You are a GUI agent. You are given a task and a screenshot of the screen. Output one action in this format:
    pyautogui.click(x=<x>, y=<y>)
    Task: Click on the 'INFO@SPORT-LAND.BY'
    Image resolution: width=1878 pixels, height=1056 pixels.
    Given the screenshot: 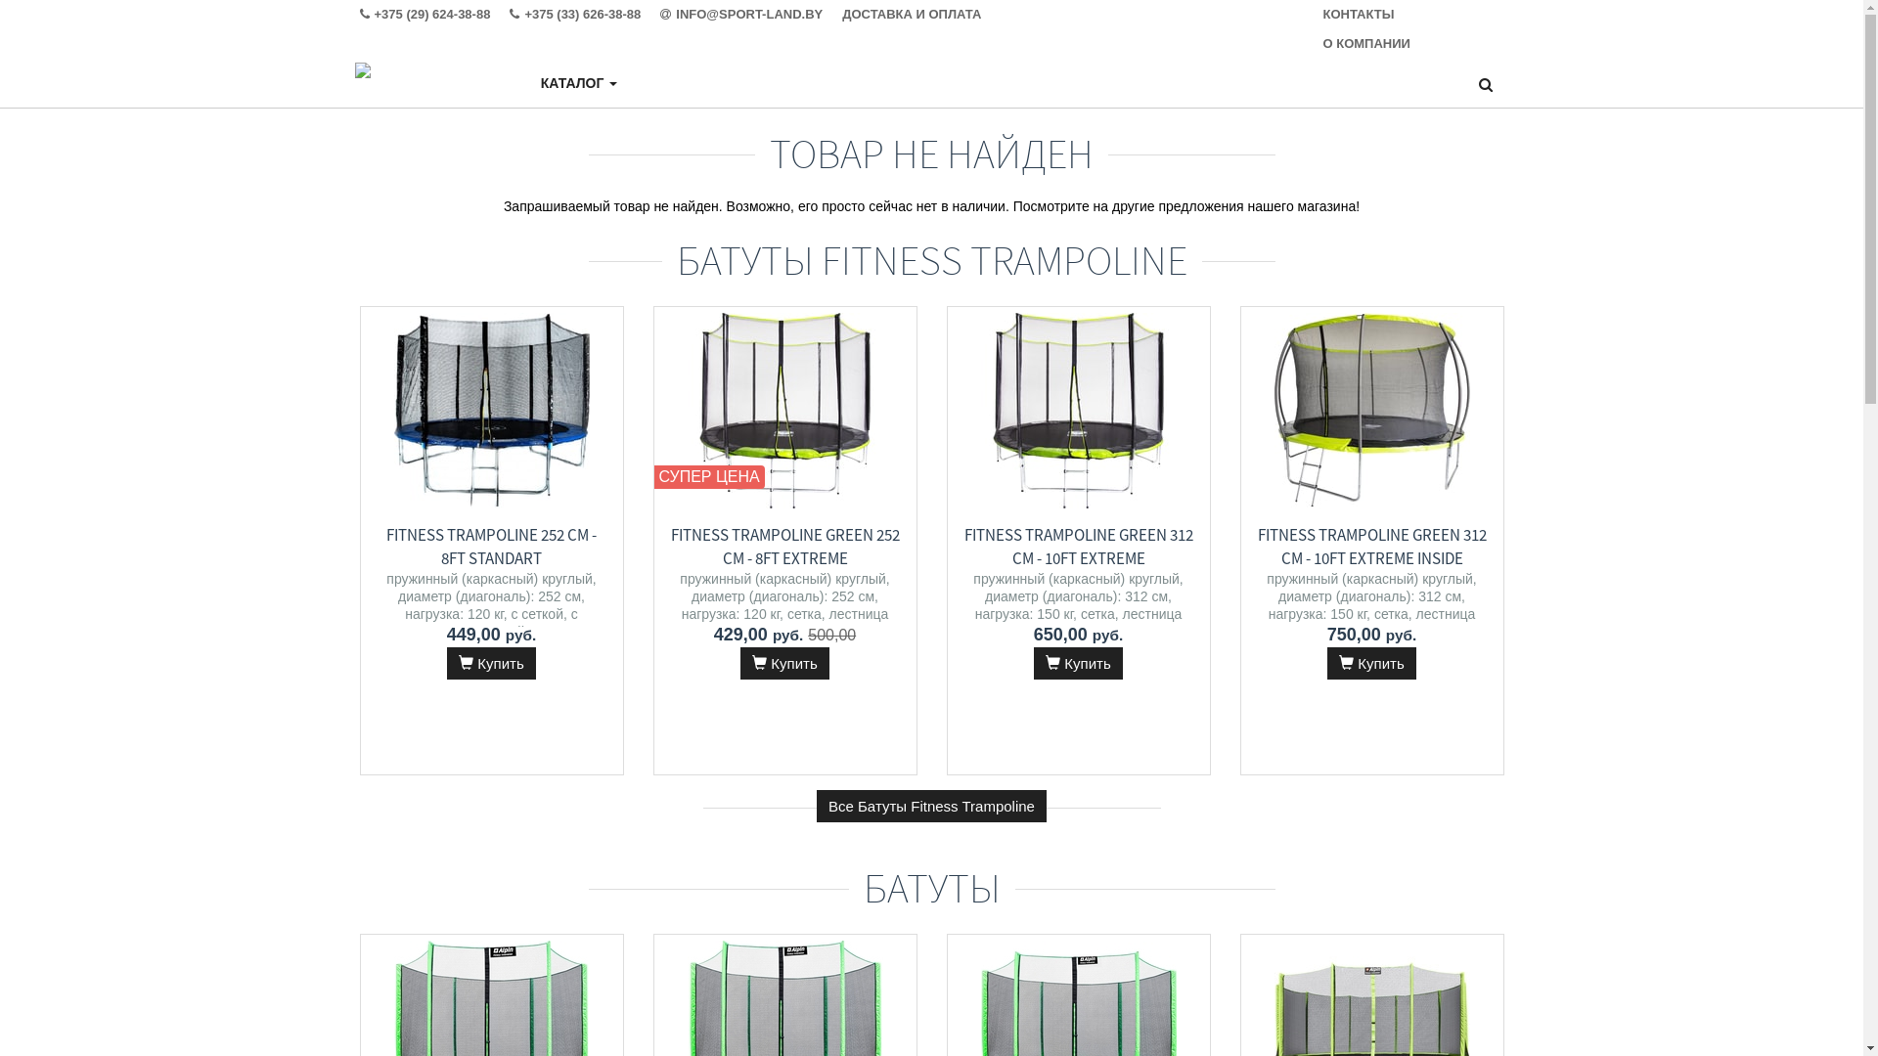 What is the action you would take?
    pyautogui.click(x=750, y=15)
    